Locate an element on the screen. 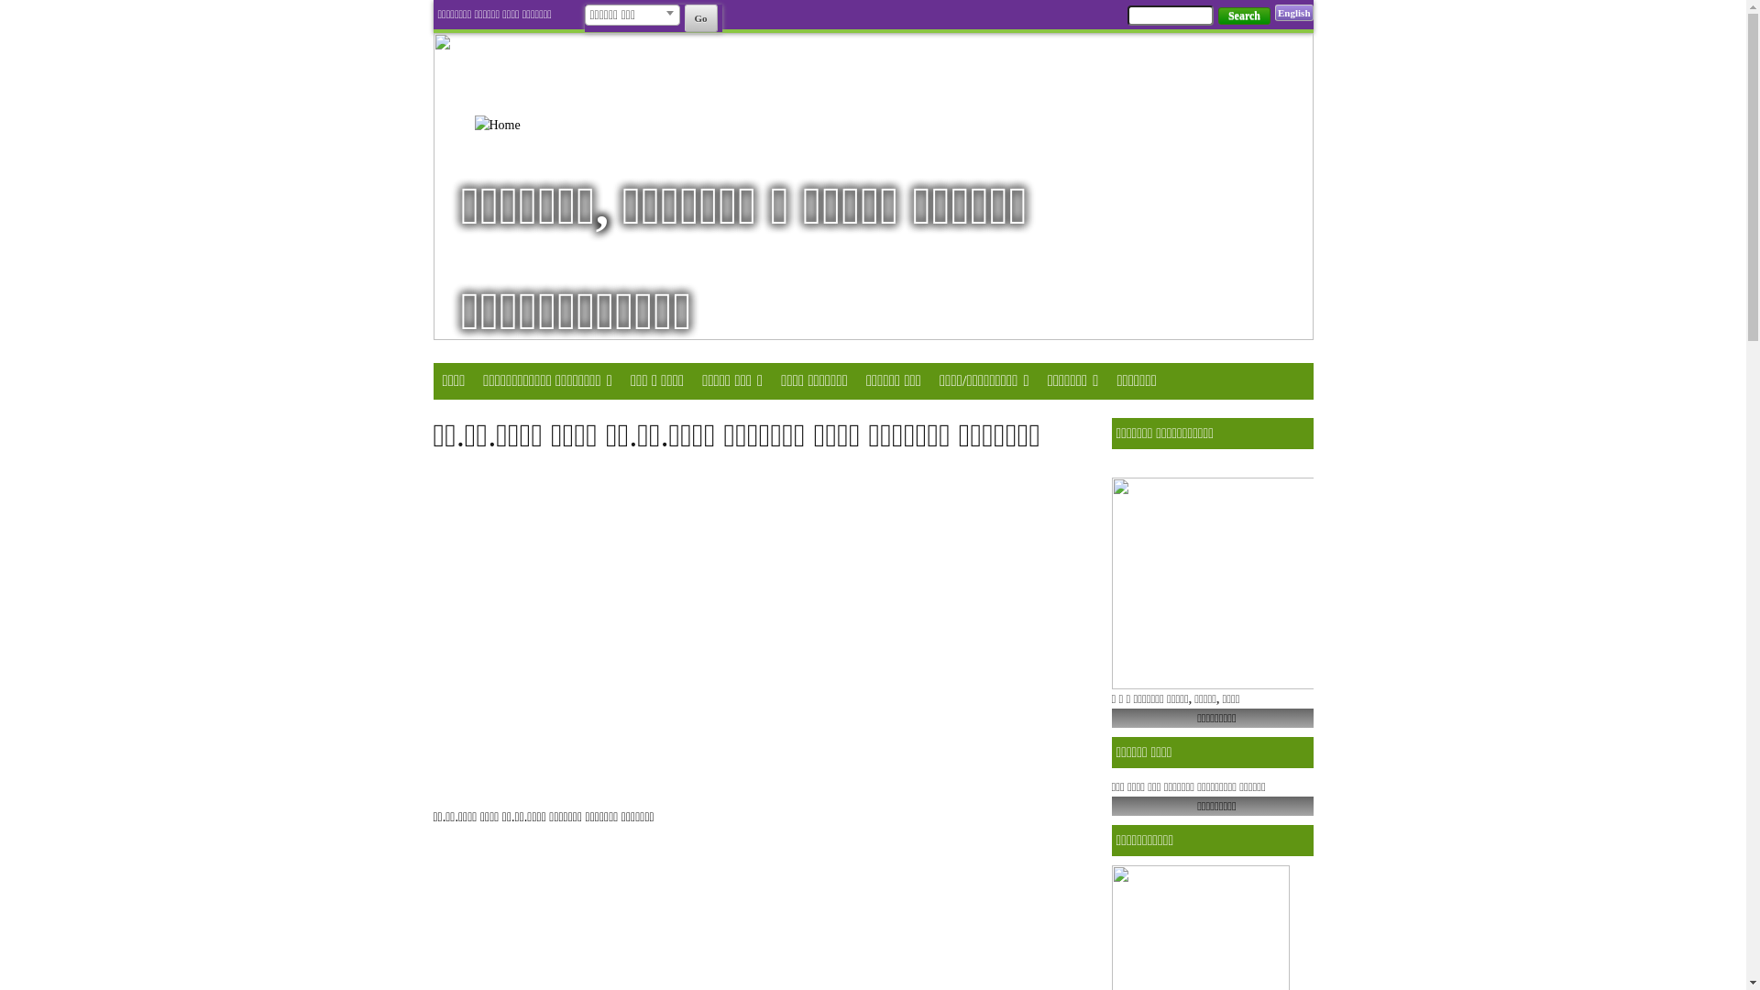 This screenshot has height=990, width=1760. 'Home' is located at coordinates (522, 124).